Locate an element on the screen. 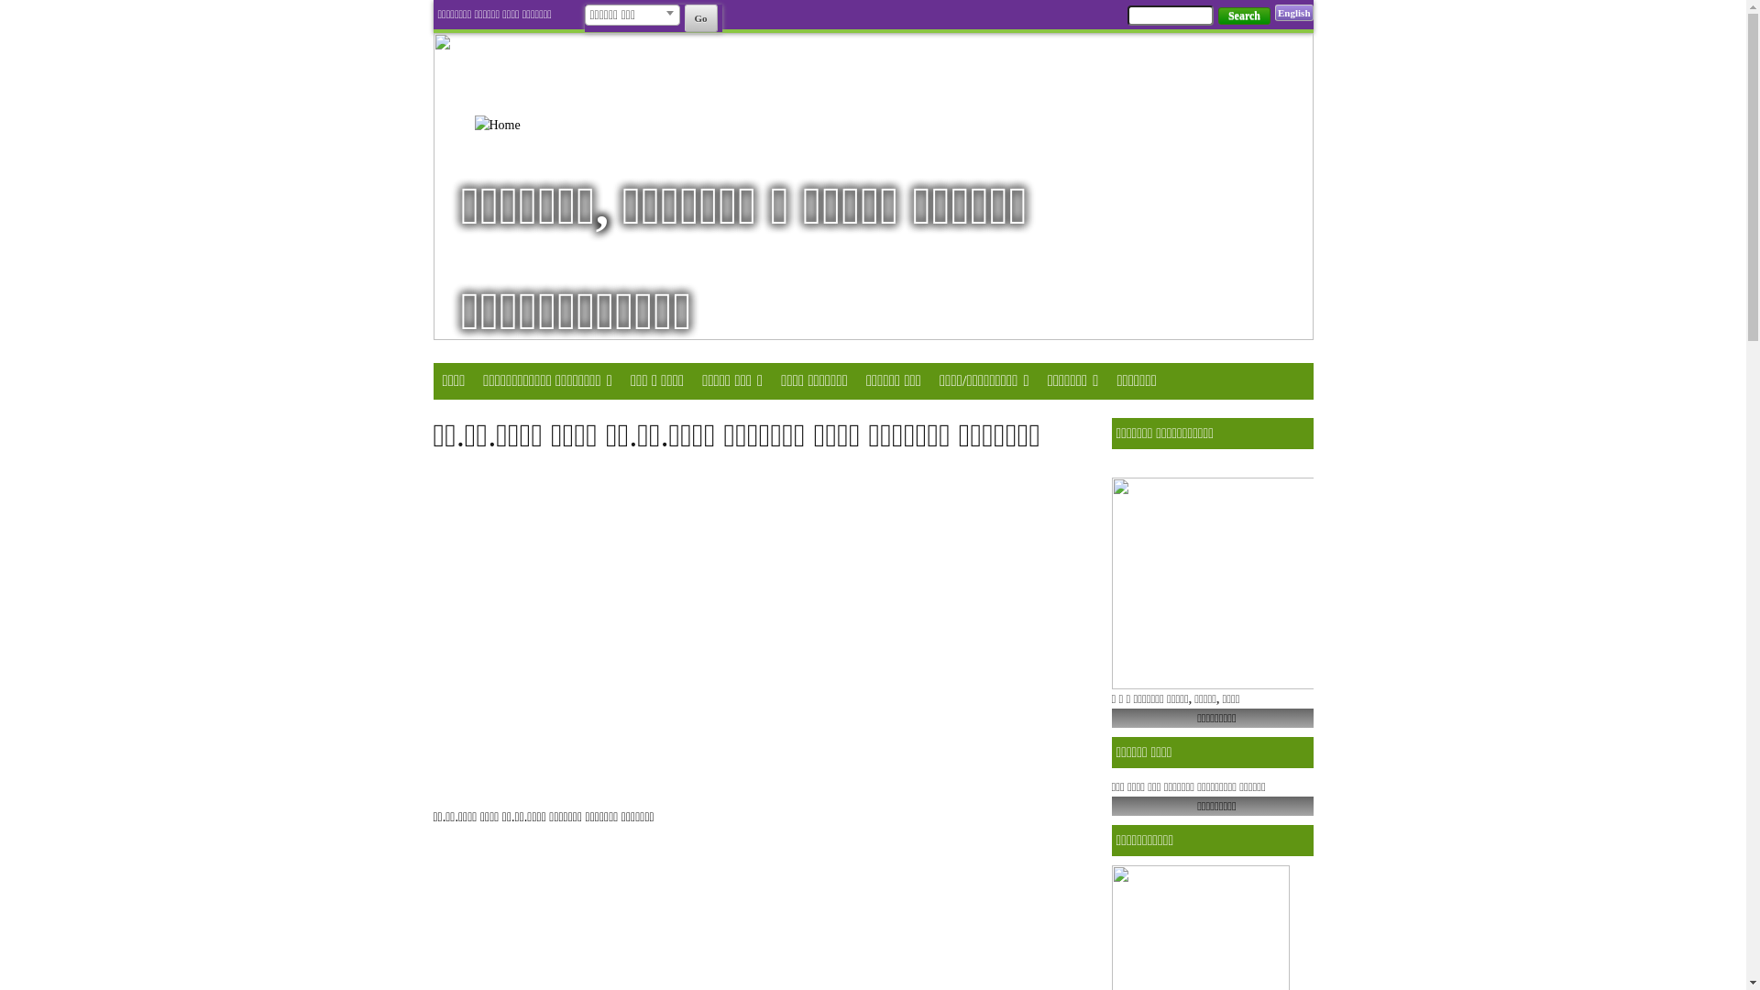 This screenshot has height=990, width=1760. 'Home' is located at coordinates (522, 124).